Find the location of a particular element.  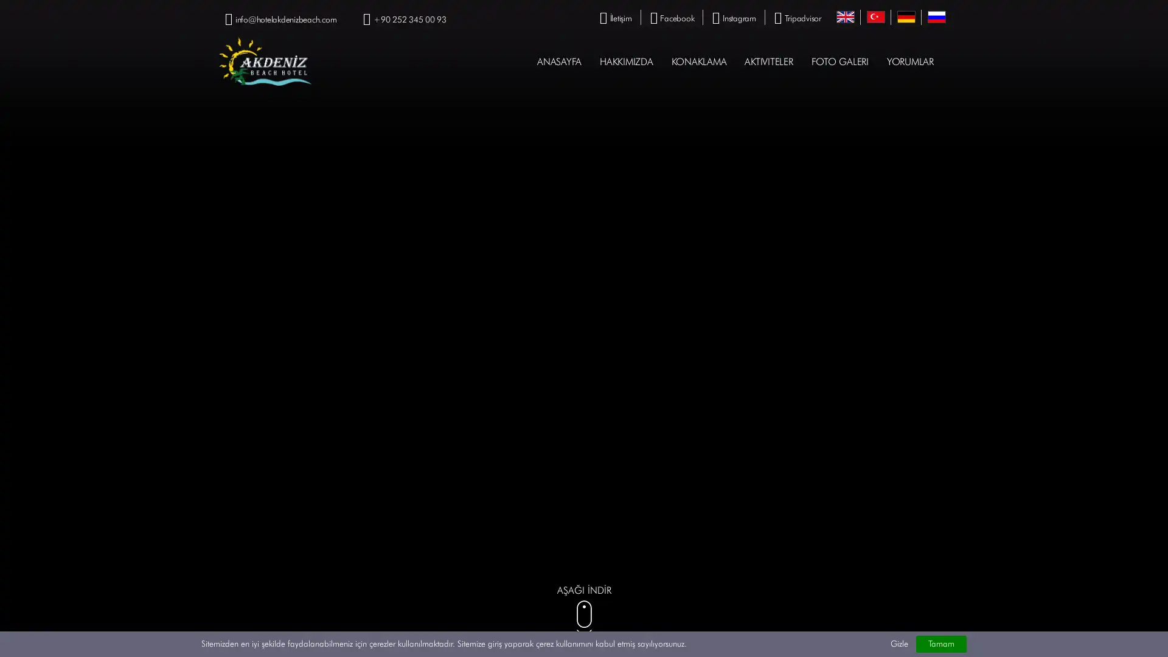

Tamam is located at coordinates (940, 644).